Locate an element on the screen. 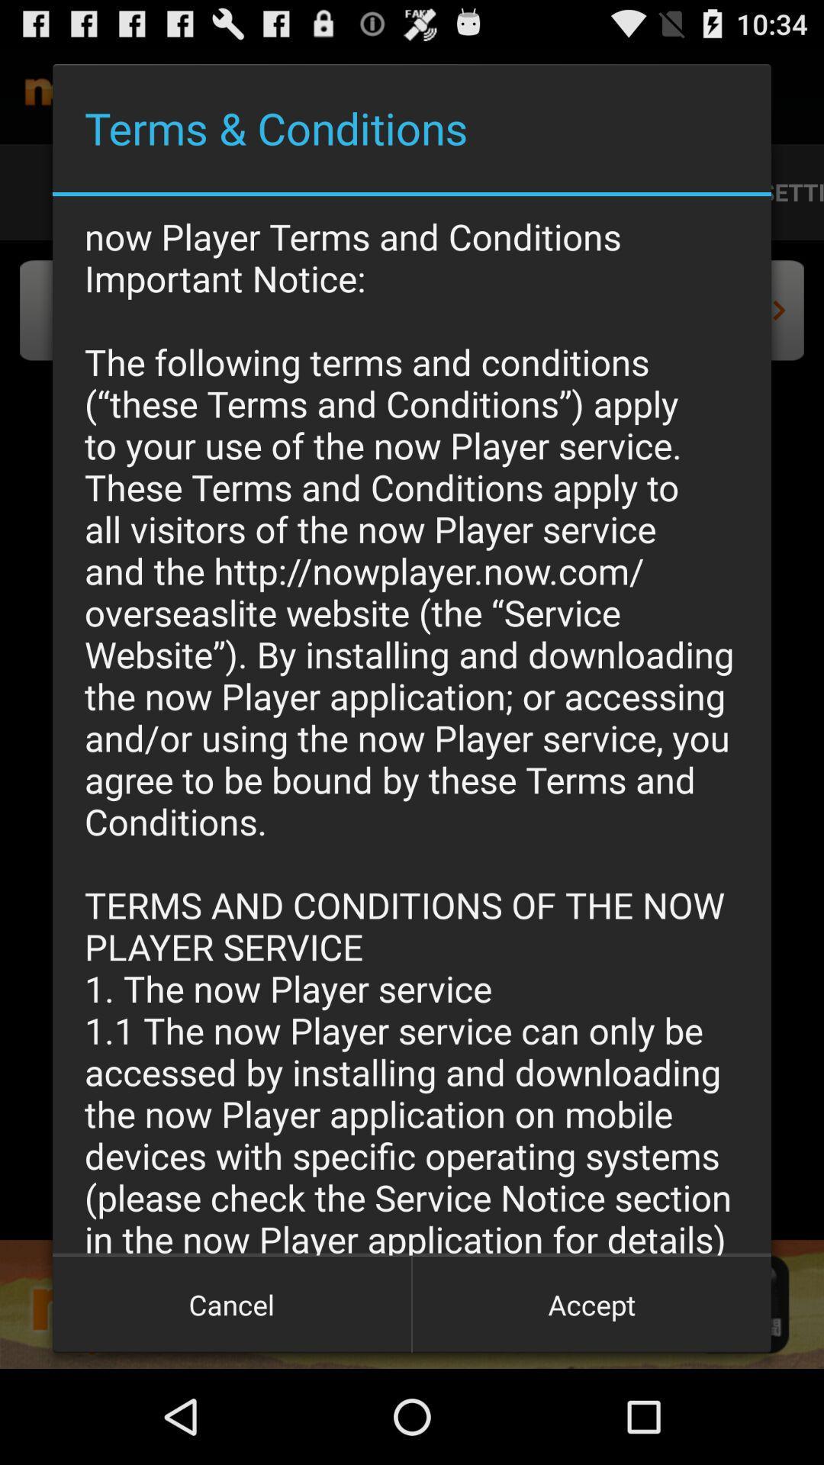  the icon to the right of the cancel button is located at coordinates (591, 1303).